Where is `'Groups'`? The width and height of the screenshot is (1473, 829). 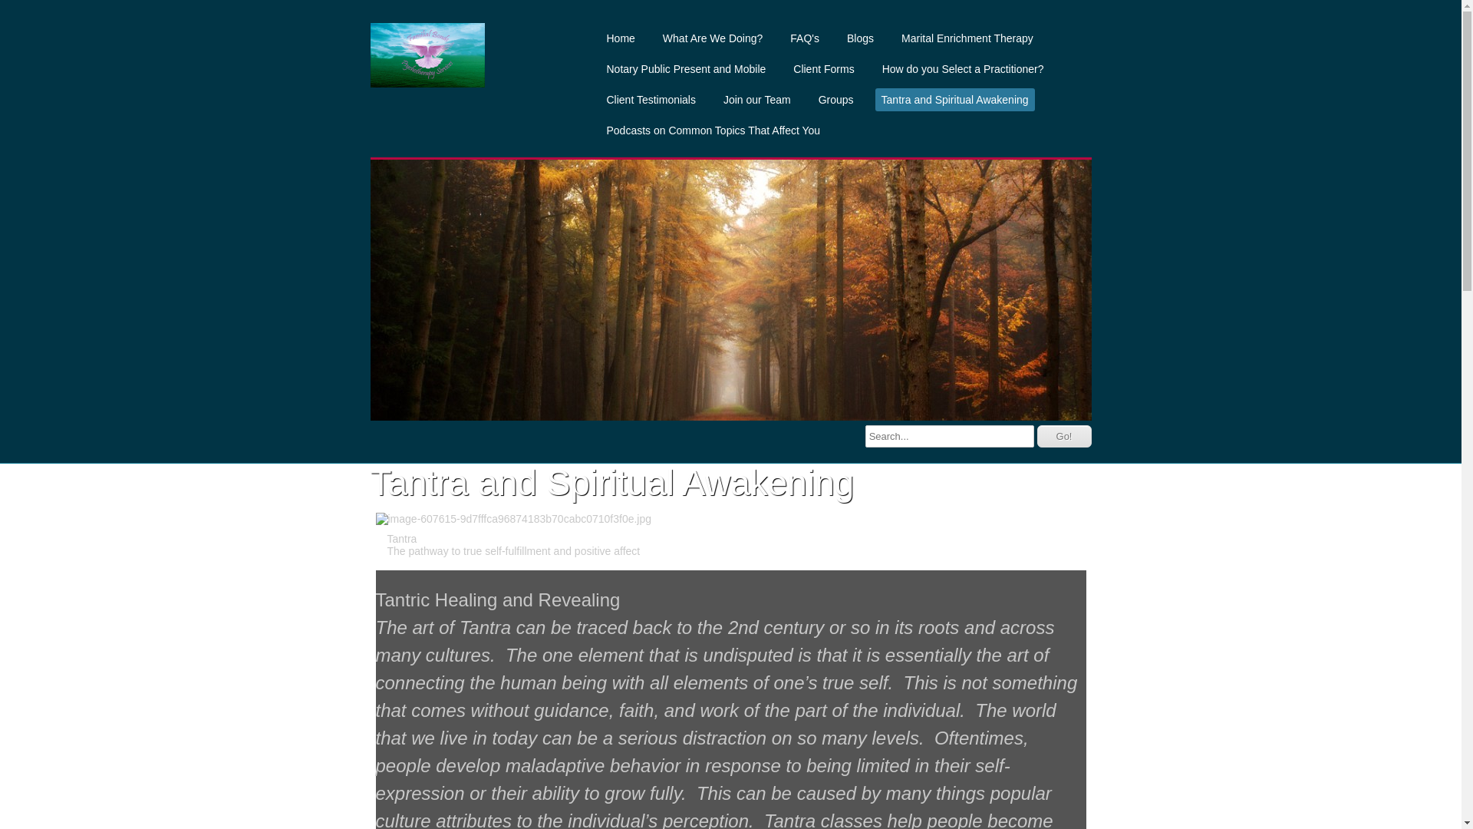
'Groups' is located at coordinates (812, 100).